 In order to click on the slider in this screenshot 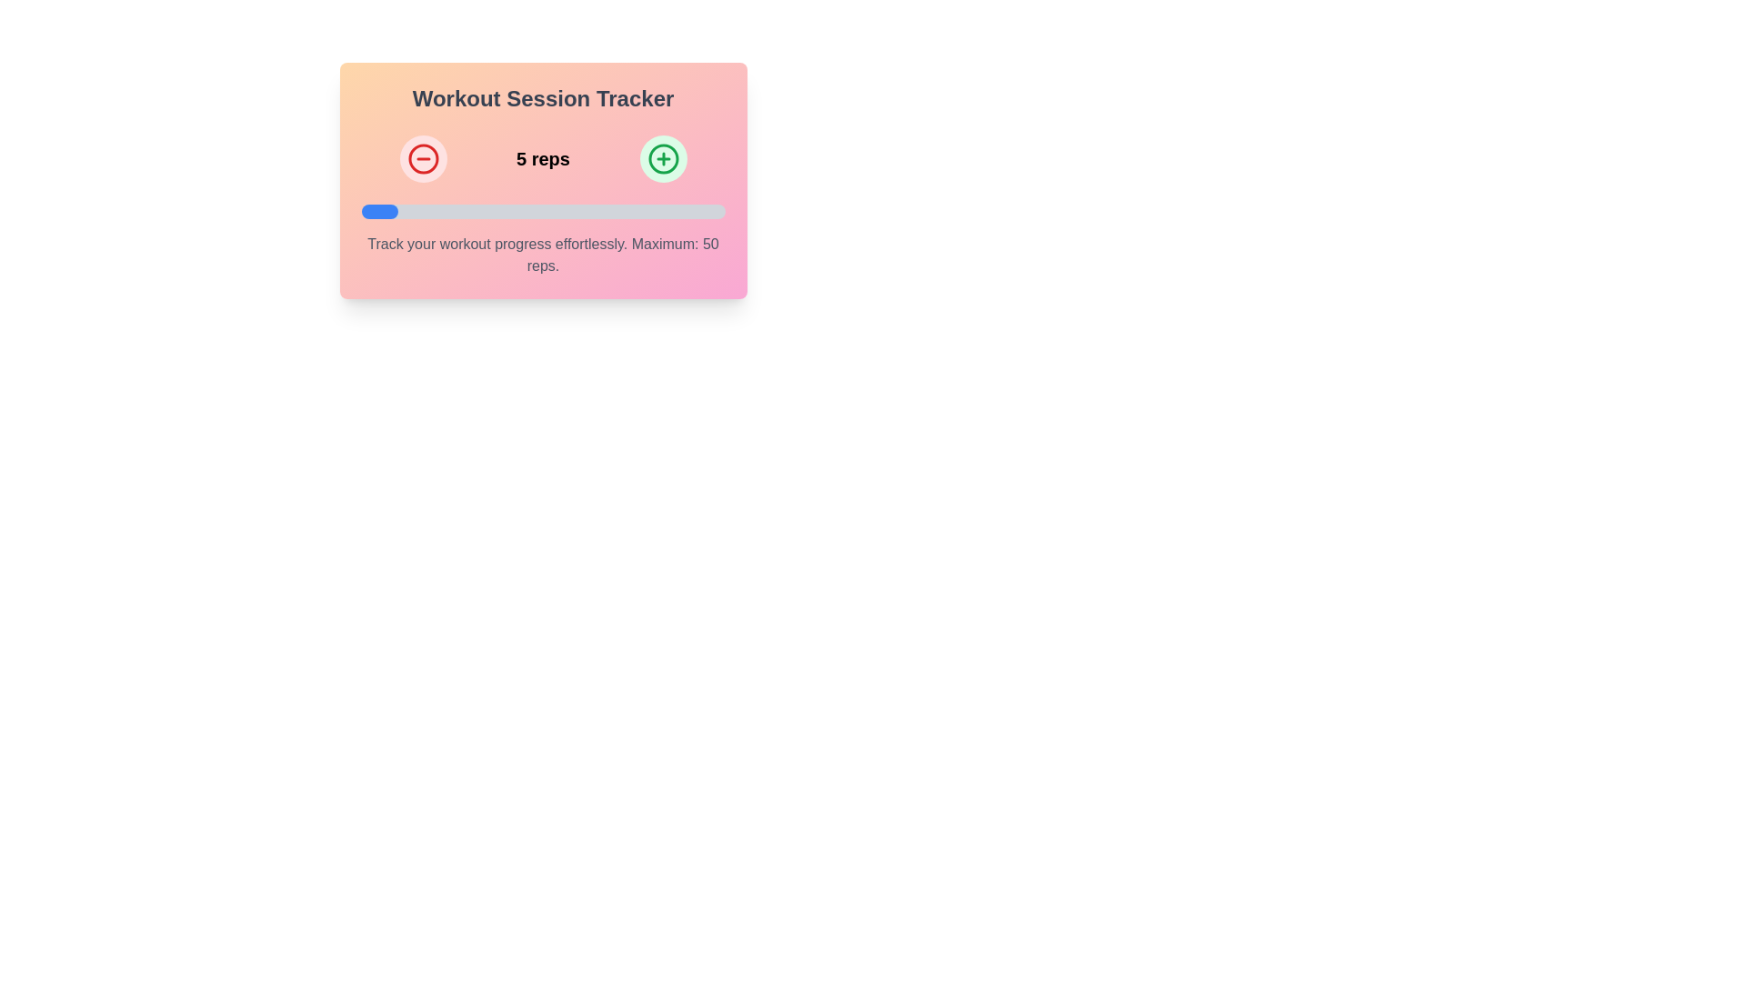, I will do `click(387, 210)`.